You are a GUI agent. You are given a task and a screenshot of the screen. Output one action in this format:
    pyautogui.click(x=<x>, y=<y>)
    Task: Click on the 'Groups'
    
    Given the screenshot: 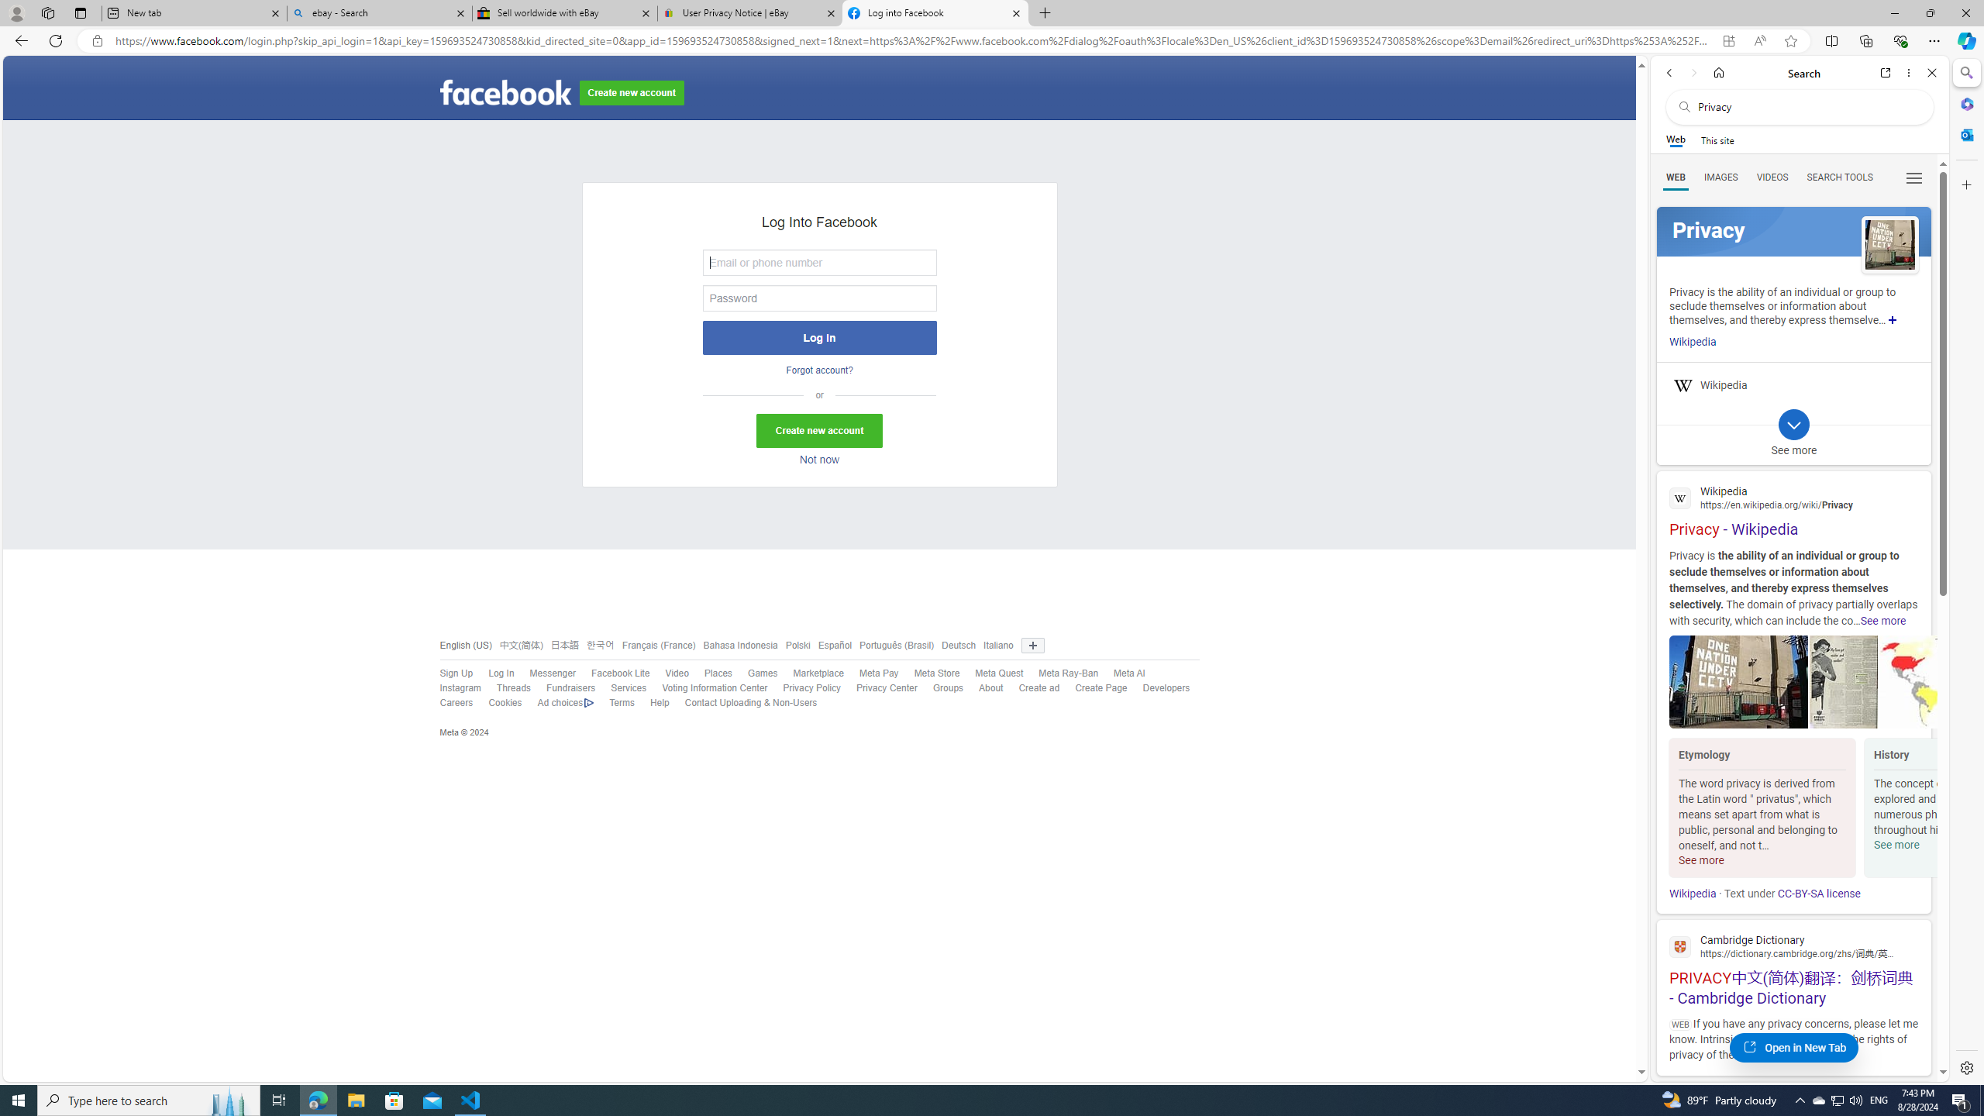 What is the action you would take?
    pyautogui.click(x=947, y=688)
    